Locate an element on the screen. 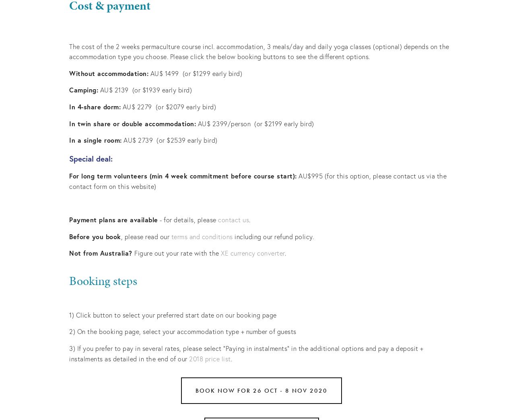  'AU$ 1499  (or $1299 early bird)' is located at coordinates (195, 73).